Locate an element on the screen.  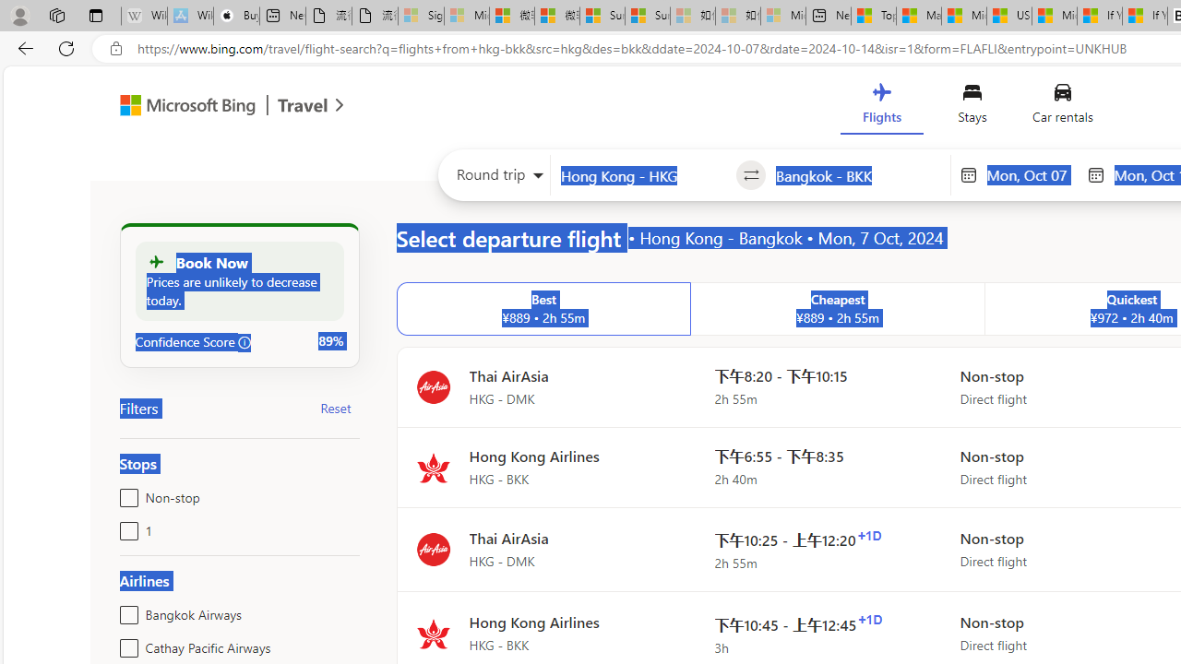
'Leaving from?' is located at coordinates (643, 175).